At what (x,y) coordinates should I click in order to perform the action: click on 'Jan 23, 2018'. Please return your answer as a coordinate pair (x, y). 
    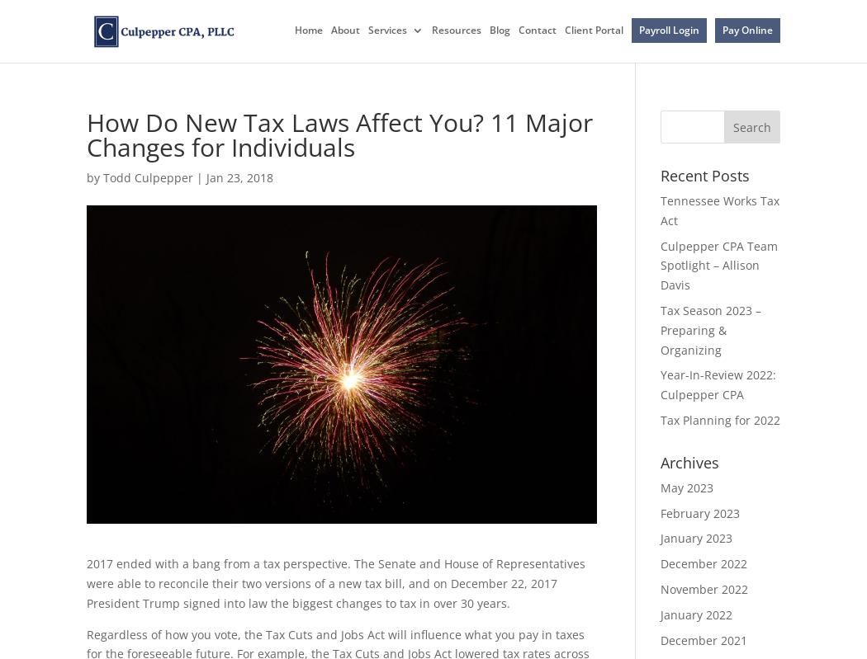
    Looking at the image, I should click on (239, 177).